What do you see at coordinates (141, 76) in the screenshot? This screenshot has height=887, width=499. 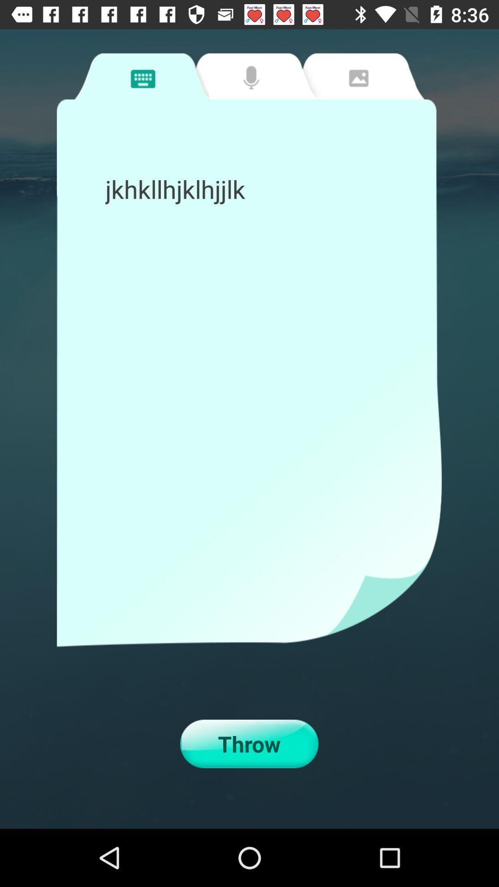 I see `message input tab` at bounding box center [141, 76].